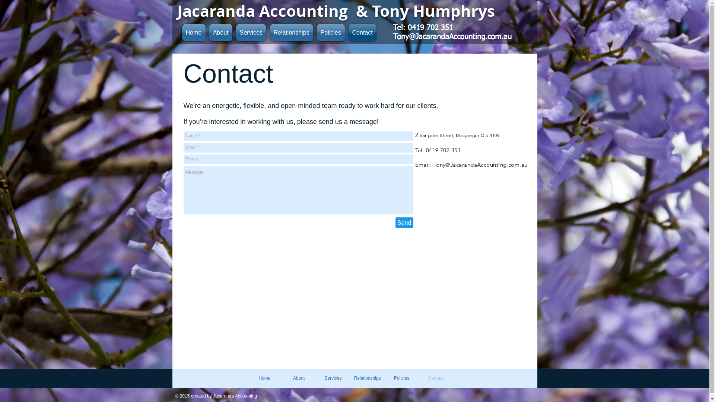  Describe the element at coordinates (361, 32) in the screenshot. I see `'Contact'` at that location.